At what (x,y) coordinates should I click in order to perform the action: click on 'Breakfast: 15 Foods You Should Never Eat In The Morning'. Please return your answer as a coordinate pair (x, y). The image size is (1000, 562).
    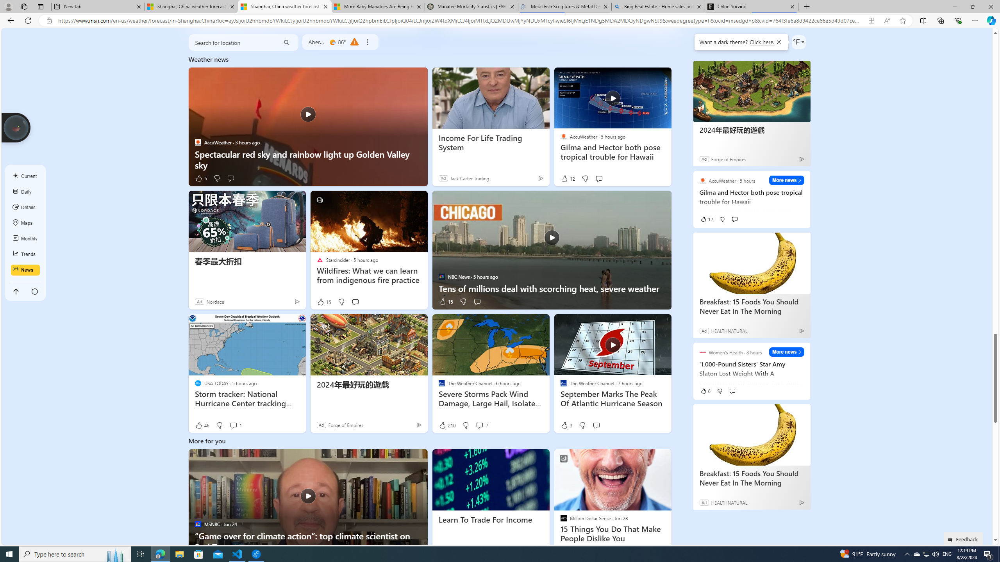
    Looking at the image, I should click on (751, 477).